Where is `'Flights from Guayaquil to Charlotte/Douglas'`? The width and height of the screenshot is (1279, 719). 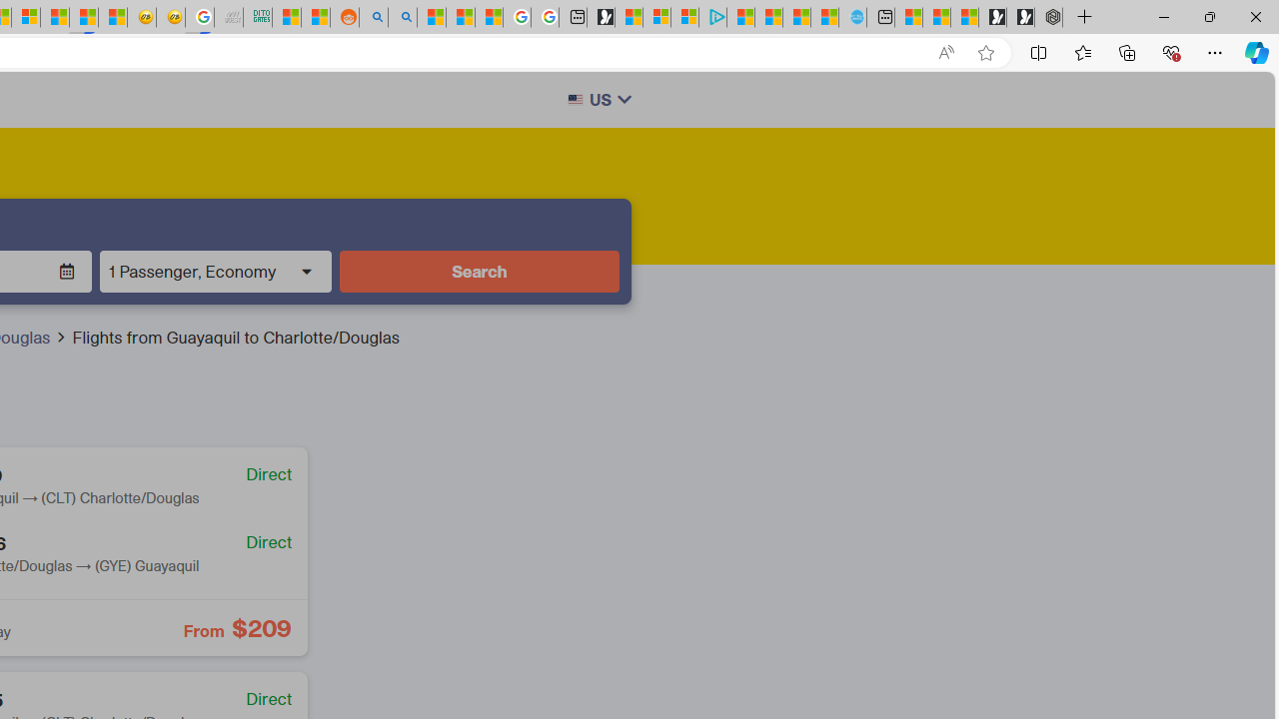 'Flights from Guayaquil to Charlotte/Douglas' is located at coordinates (235, 337).